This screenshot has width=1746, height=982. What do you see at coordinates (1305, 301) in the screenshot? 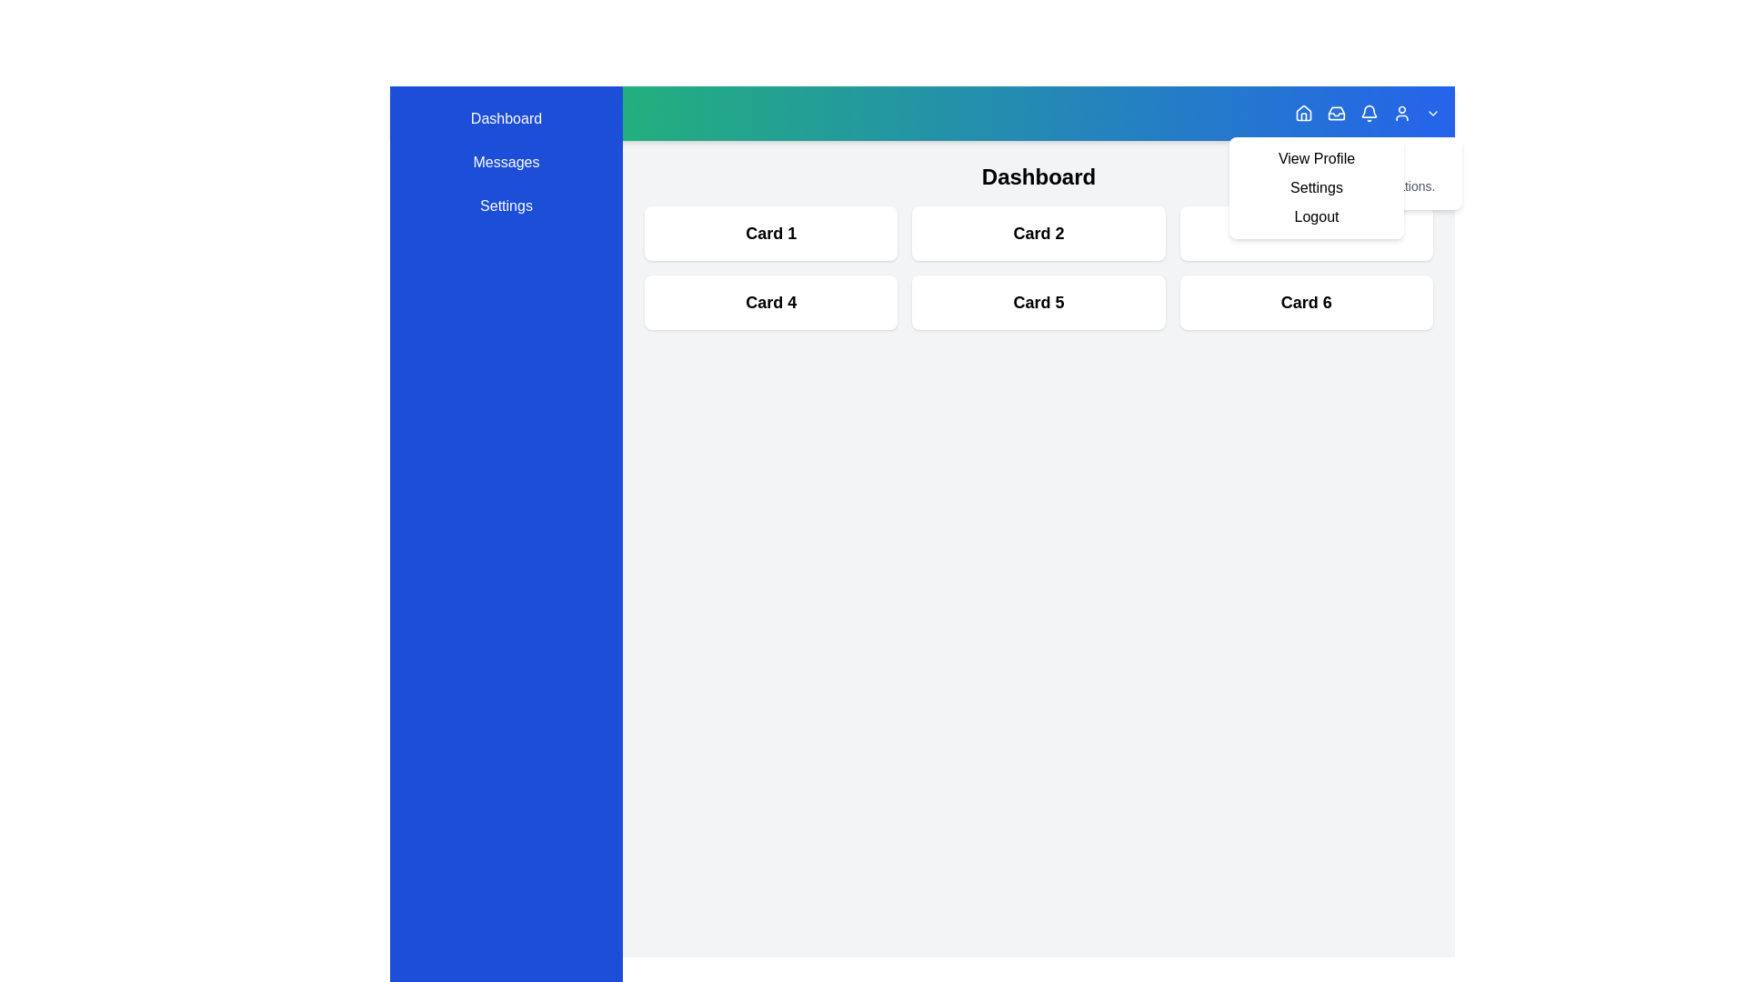
I see `the descriptive text label within the card component labeled 'Card 6', which is located in the bottom-right position of the grid layout` at bounding box center [1305, 301].